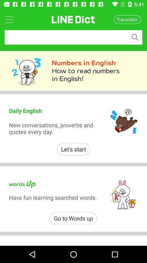  Describe the element at coordinates (9, 19) in the screenshot. I see `open dropdown menu` at that location.